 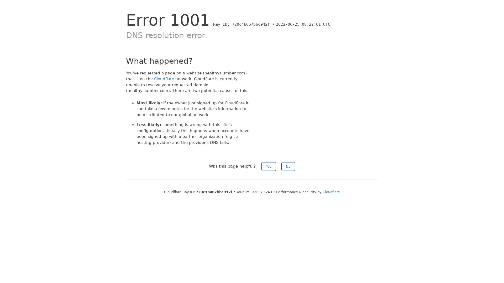 What do you see at coordinates (288, 166) in the screenshot?
I see `No` at bounding box center [288, 166].